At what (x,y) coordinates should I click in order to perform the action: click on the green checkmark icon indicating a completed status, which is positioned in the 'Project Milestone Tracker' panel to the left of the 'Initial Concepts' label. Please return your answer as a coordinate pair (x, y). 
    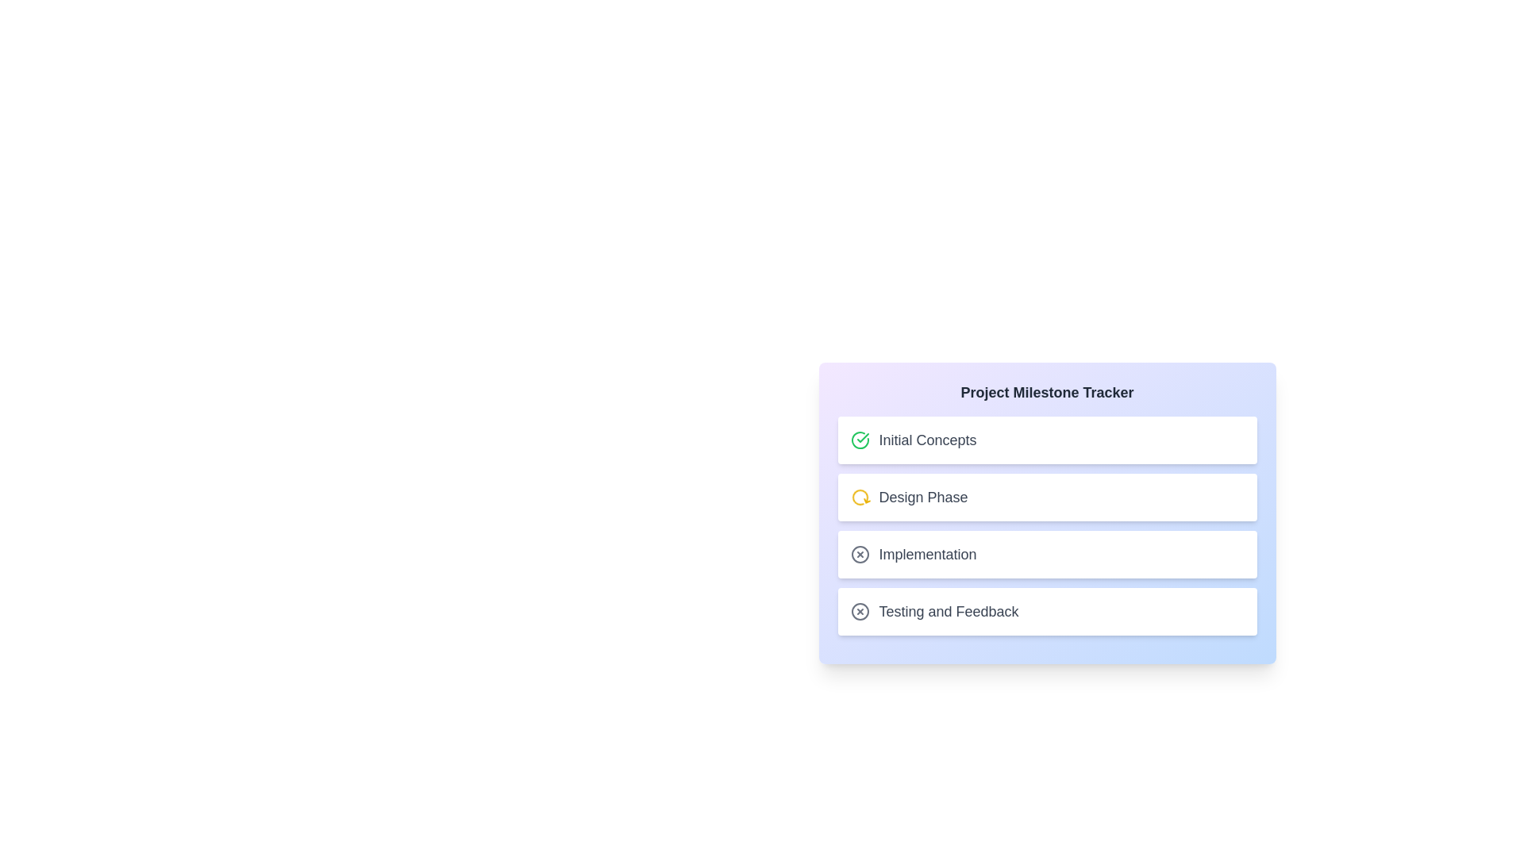
    Looking at the image, I should click on (861, 437).